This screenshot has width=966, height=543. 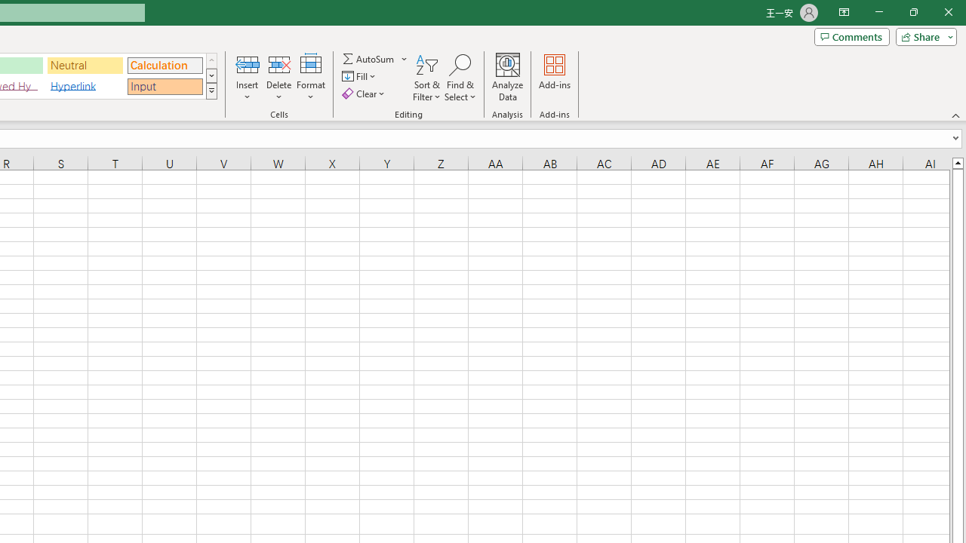 I want to click on 'Find & Select', so click(x=460, y=78).